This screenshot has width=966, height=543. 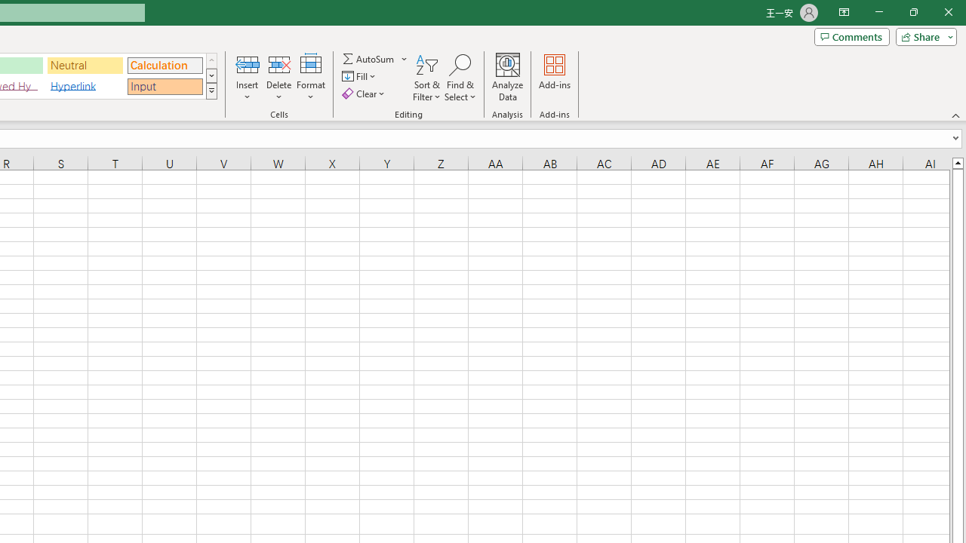 I want to click on 'Find & Select', so click(x=460, y=78).